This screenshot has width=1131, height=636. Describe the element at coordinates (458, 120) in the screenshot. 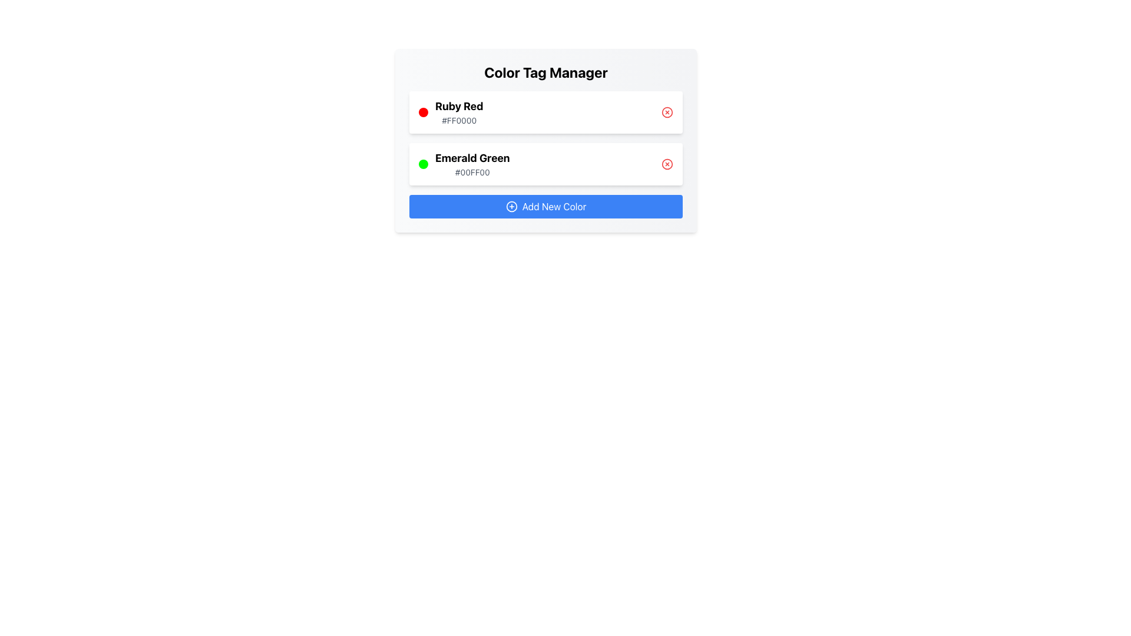

I see `the text label displaying the color code '#FF0000', which is styled in gray and located beneath the 'Ruby Red' label within the color management interface` at that location.